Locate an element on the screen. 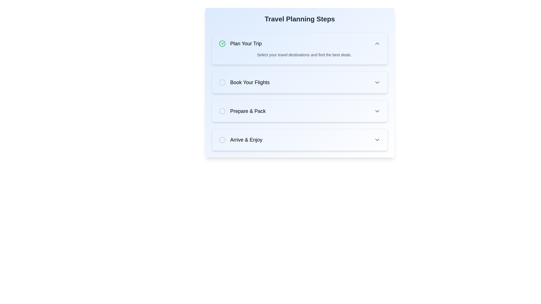 The width and height of the screenshot is (541, 304). the radio button located to the left of the text 'Arrive & Enjoy' in the 'Travel Planning Steps' section is located at coordinates (222, 140).